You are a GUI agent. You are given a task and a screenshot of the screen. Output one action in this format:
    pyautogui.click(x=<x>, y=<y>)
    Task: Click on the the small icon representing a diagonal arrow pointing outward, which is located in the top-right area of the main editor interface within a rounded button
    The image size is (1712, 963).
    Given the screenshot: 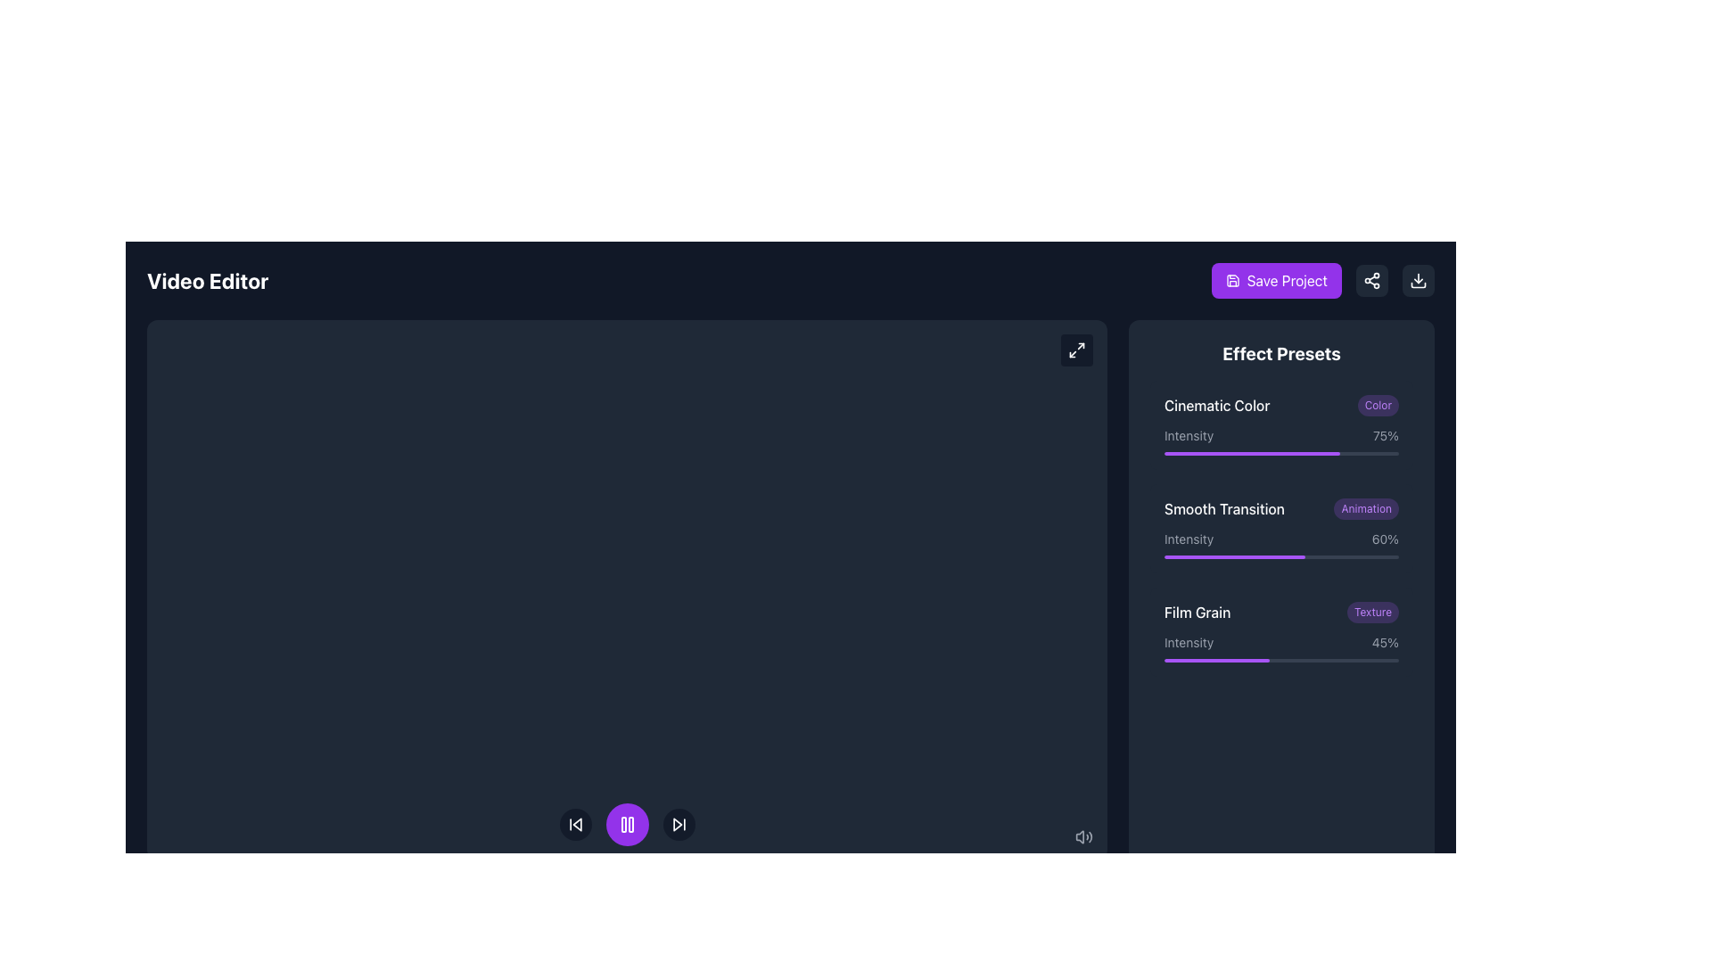 What is the action you would take?
    pyautogui.click(x=1076, y=350)
    